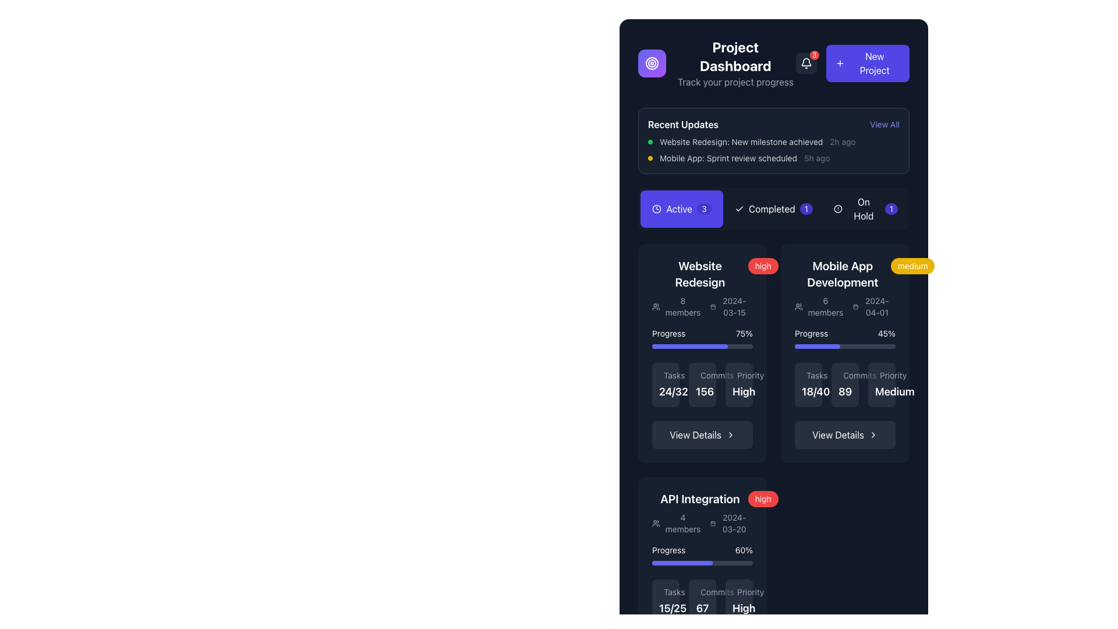  I want to click on value displayed in the text label that indicates the completion percentage for the 'Website Redesign' project in the active projects section, so click(744, 334).